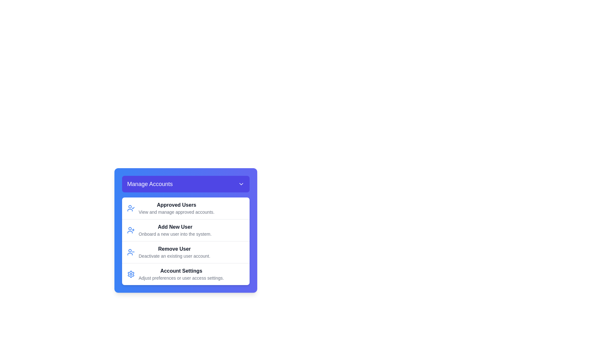 This screenshot has width=612, height=344. Describe the element at coordinates (181, 271) in the screenshot. I see `the header text label for the last menu item in the 'Manage Accounts' panel, which describes adjusting preferences or user access settings` at that location.